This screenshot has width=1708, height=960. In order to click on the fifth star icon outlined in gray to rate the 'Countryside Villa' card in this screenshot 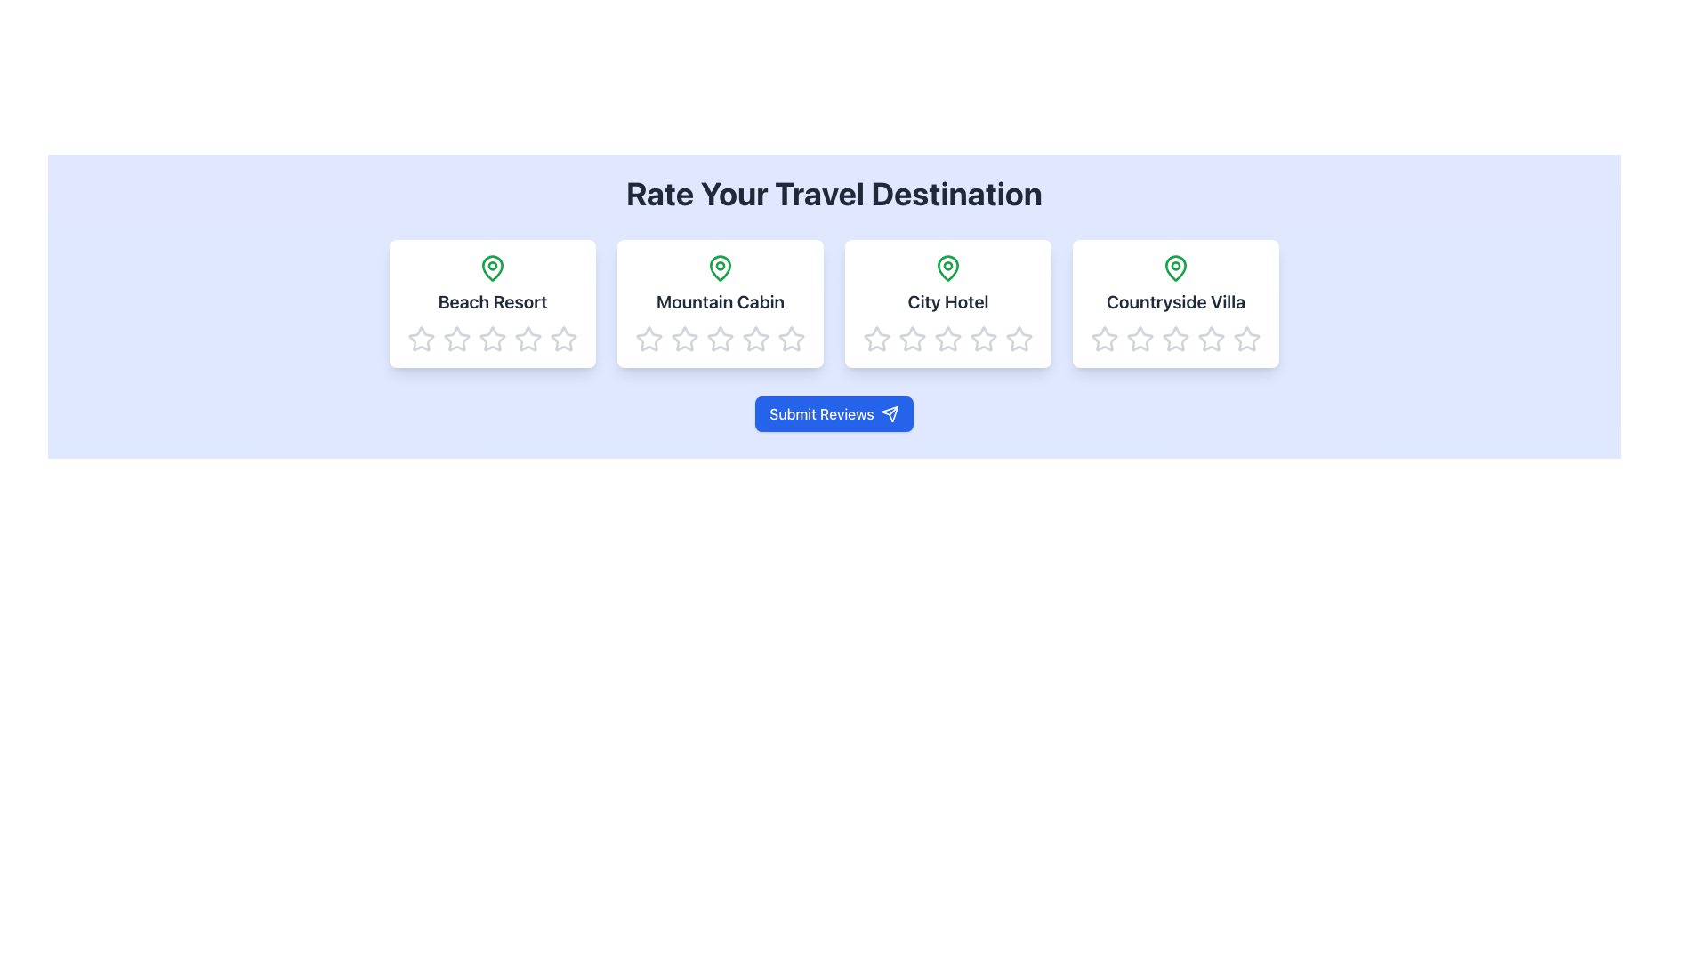, I will do `click(1245, 339)`.